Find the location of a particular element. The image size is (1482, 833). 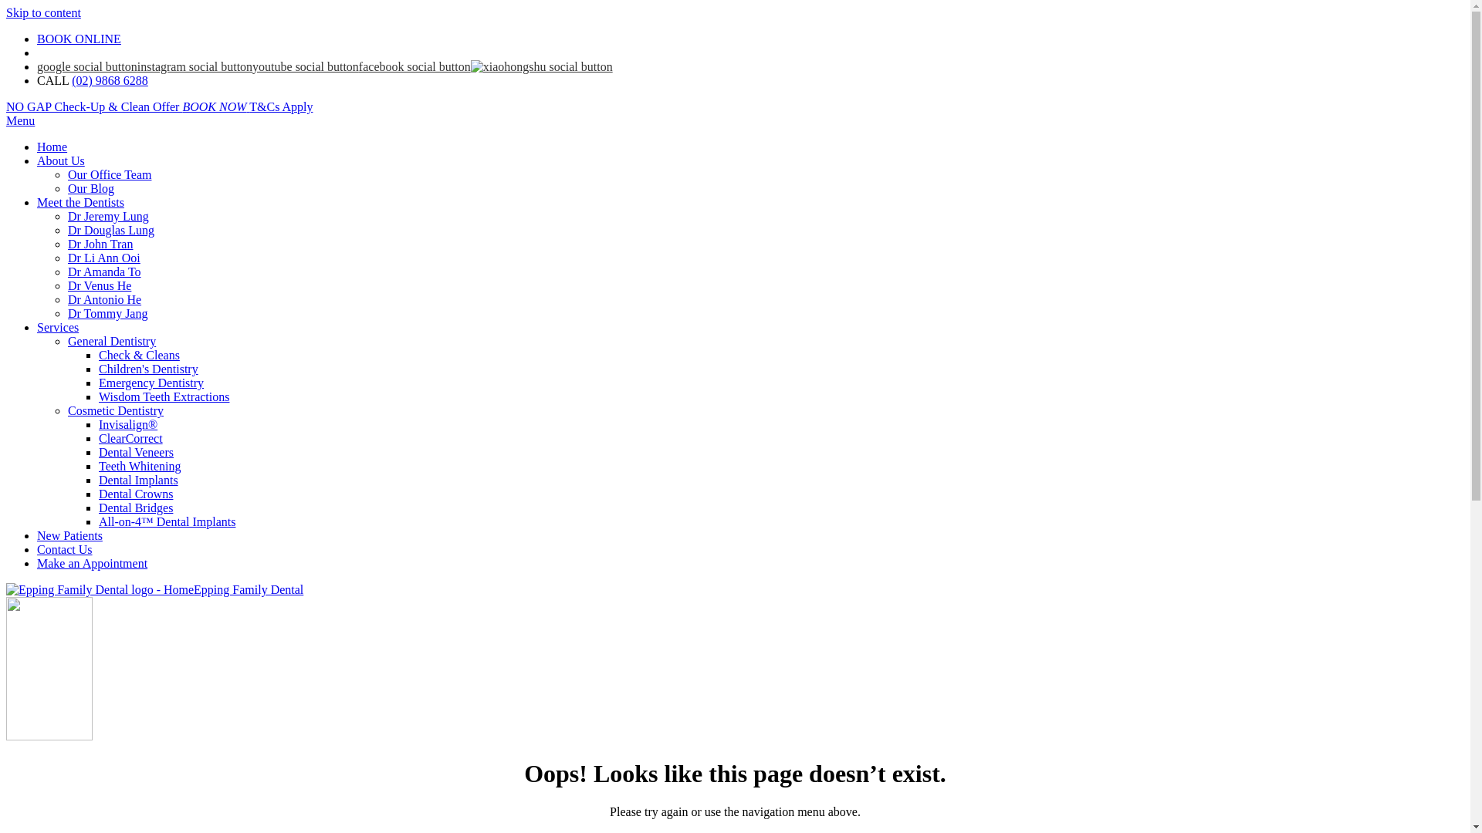

'Contact Us' is located at coordinates (63, 548).